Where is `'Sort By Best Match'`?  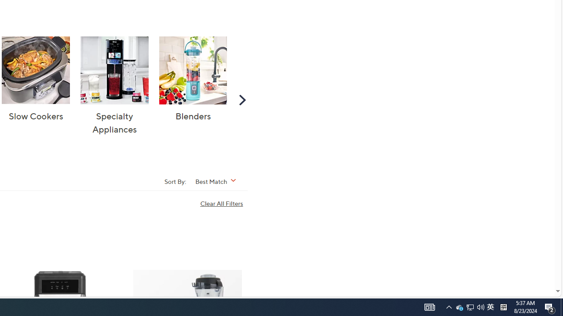
'Sort By Best Match' is located at coordinates (219, 180).